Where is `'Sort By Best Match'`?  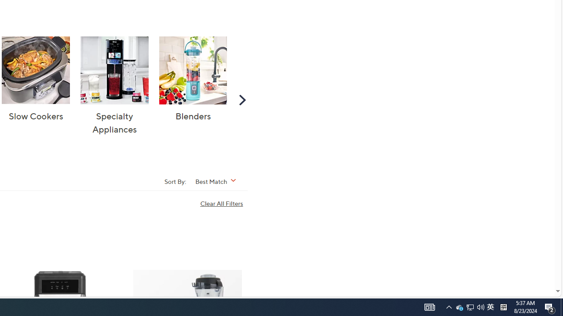
'Sort By Best Match' is located at coordinates (219, 180).